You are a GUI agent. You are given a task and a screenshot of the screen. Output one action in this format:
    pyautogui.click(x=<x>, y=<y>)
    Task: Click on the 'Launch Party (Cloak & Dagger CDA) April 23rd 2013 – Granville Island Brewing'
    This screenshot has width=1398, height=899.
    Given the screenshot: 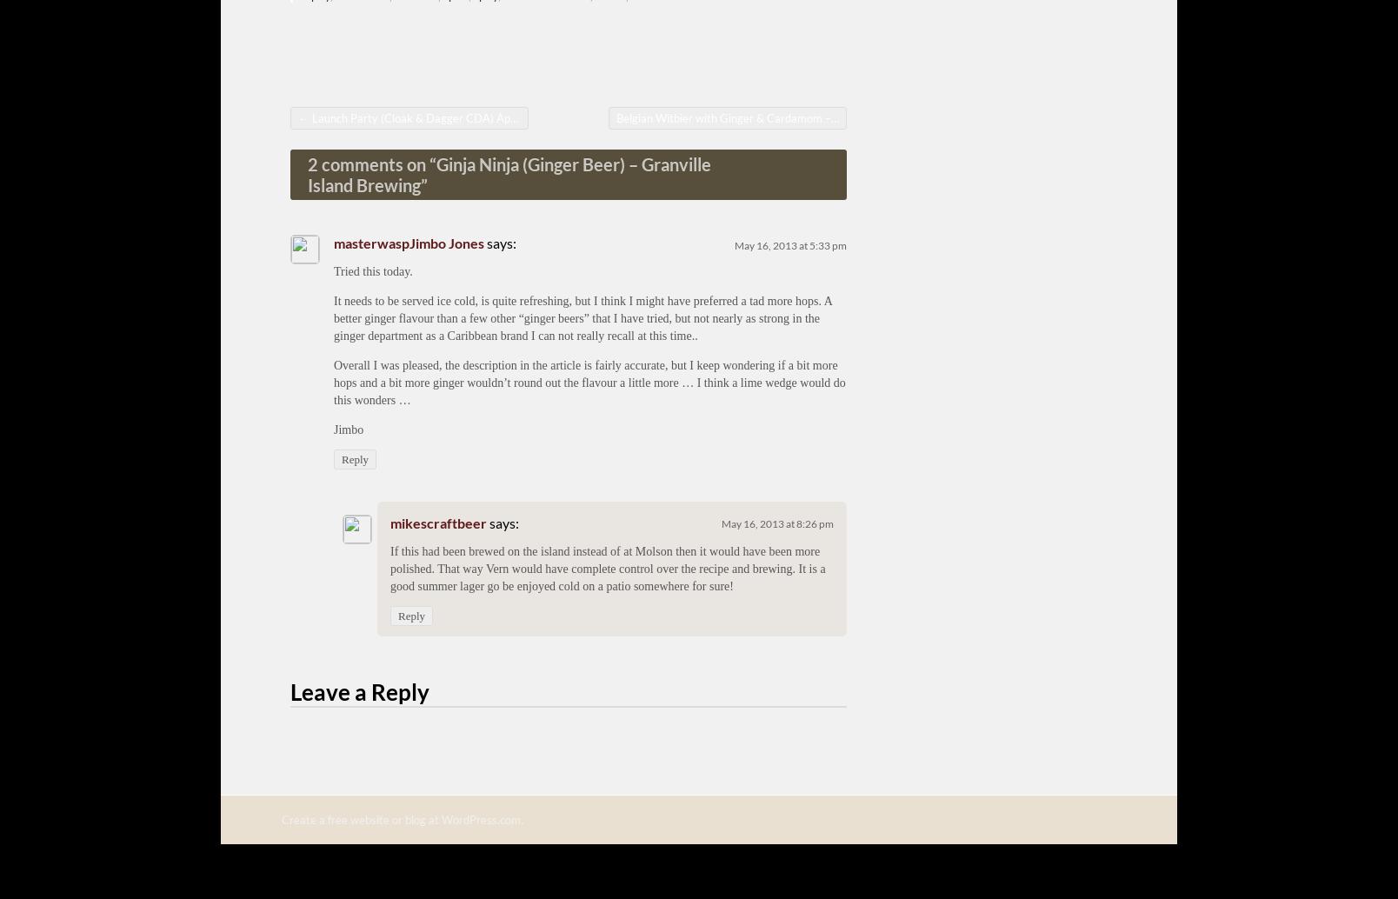 What is the action you would take?
    pyautogui.click(x=508, y=117)
    